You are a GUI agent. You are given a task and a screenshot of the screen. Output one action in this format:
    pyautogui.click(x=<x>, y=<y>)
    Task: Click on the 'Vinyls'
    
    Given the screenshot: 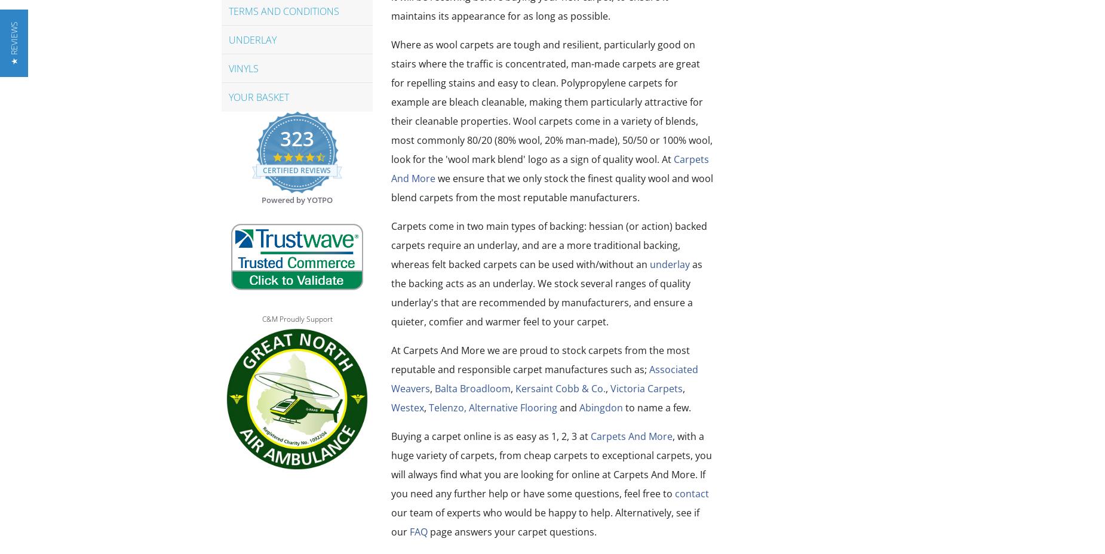 What is the action you would take?
    pyautogui.click(x=243, y=67)
    